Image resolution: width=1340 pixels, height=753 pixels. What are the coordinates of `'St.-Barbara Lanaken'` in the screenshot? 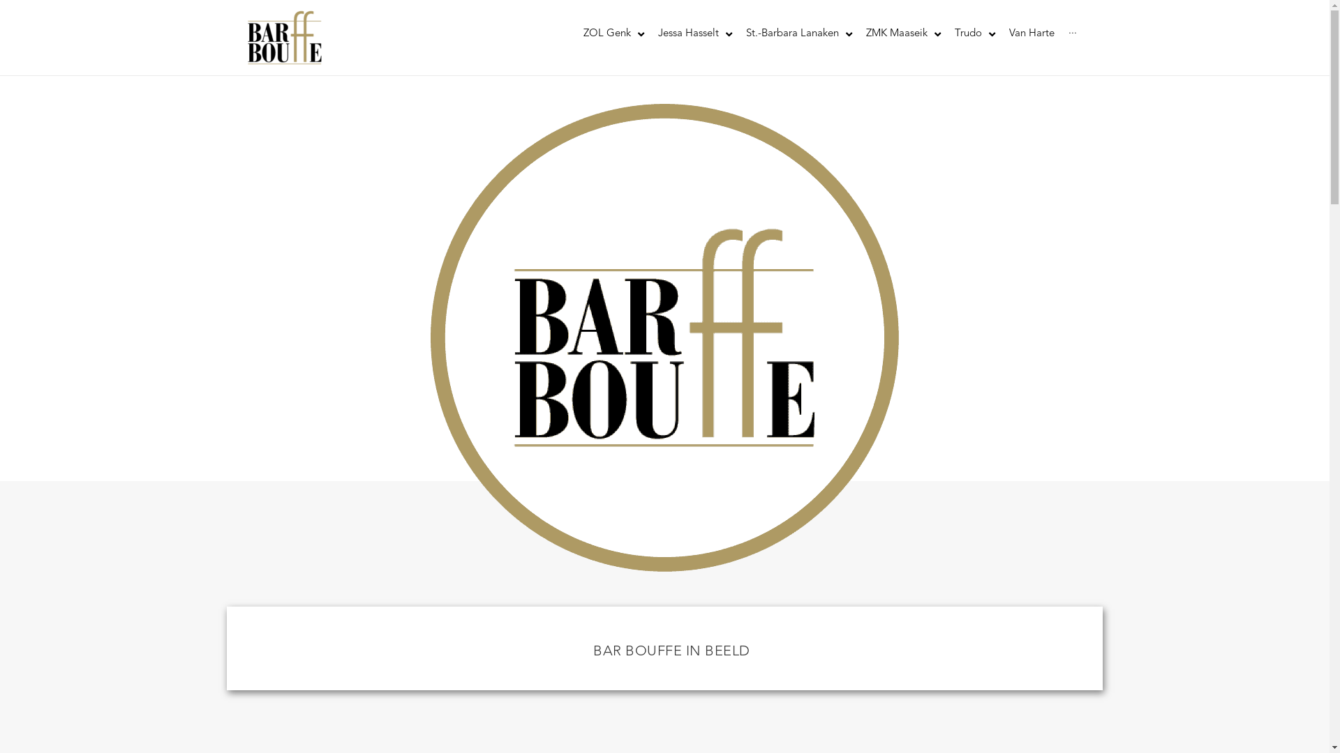 It's located at (737, 33).